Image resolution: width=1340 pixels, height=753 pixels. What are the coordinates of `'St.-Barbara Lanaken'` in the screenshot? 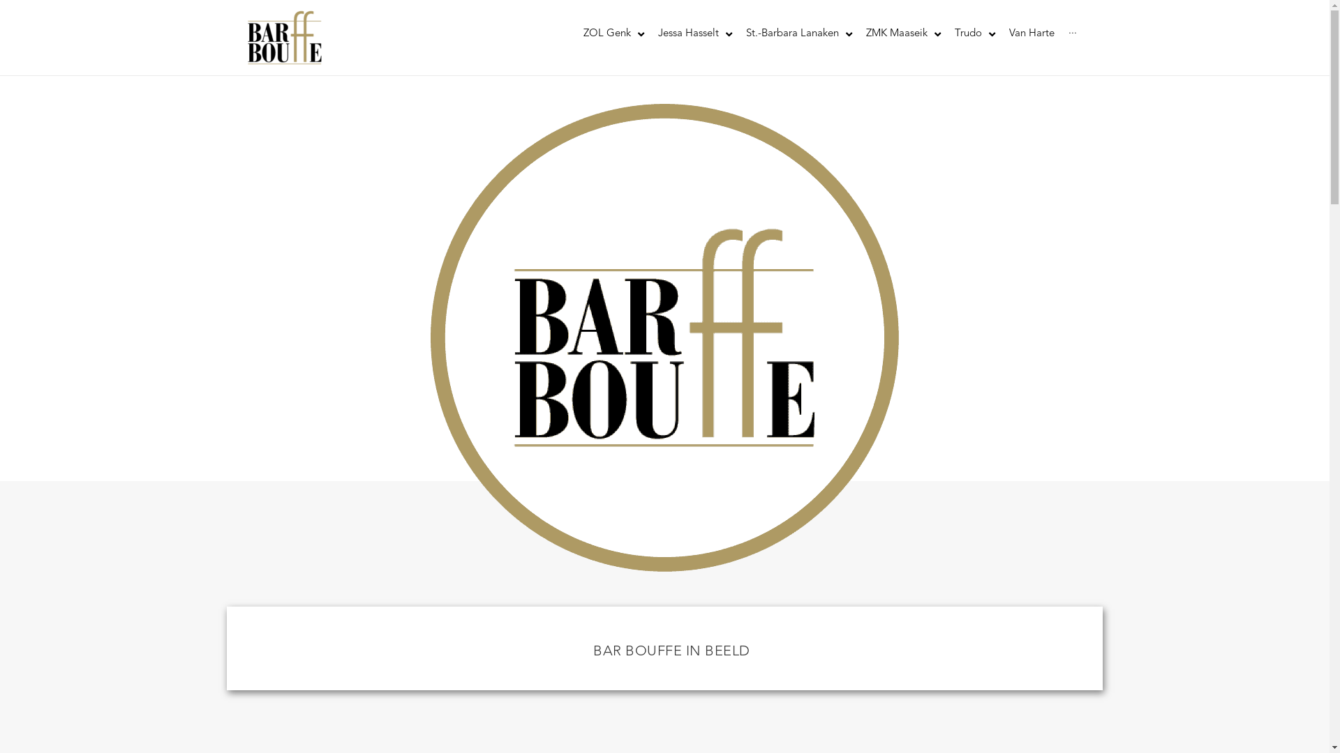 It's located at (737, 33).